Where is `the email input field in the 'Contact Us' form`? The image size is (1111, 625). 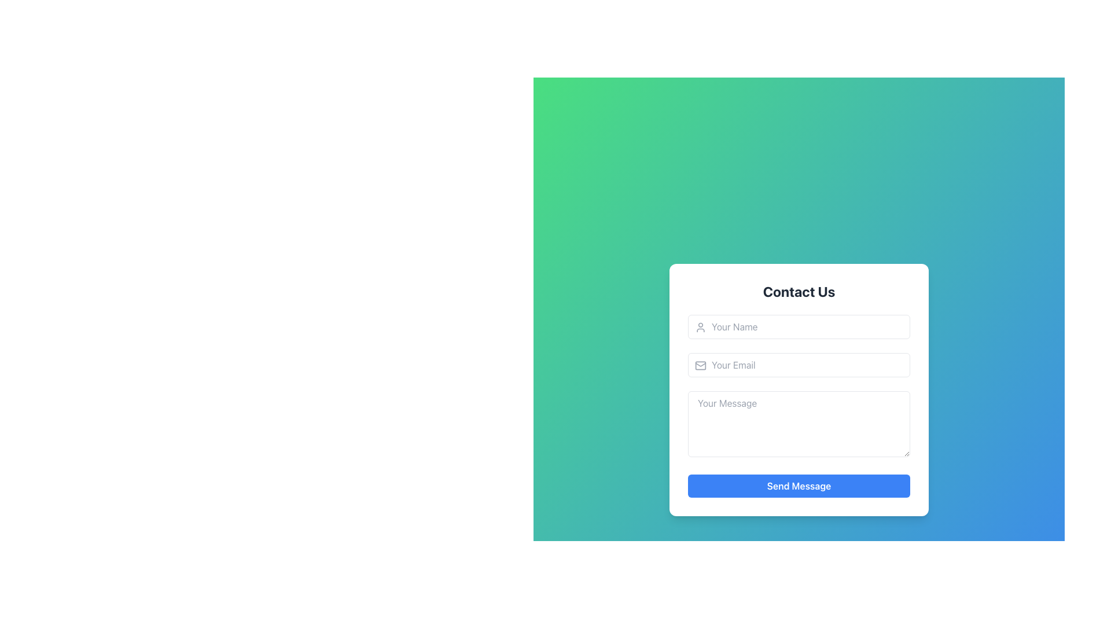 the email input field in the 'Contact Us' form is located at coordinates (799, 365).